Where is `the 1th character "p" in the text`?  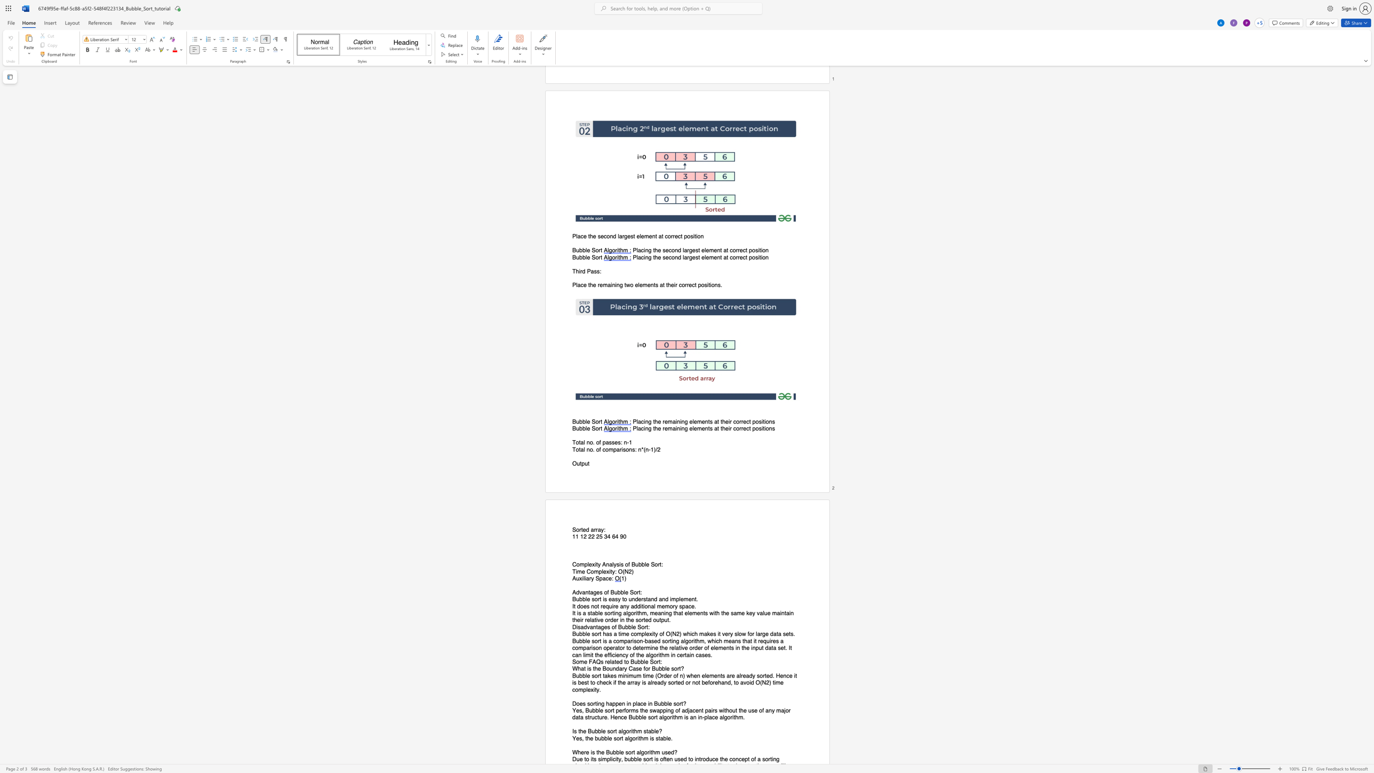 the 1th character "p" in the text is located at coordinates (600, 571).